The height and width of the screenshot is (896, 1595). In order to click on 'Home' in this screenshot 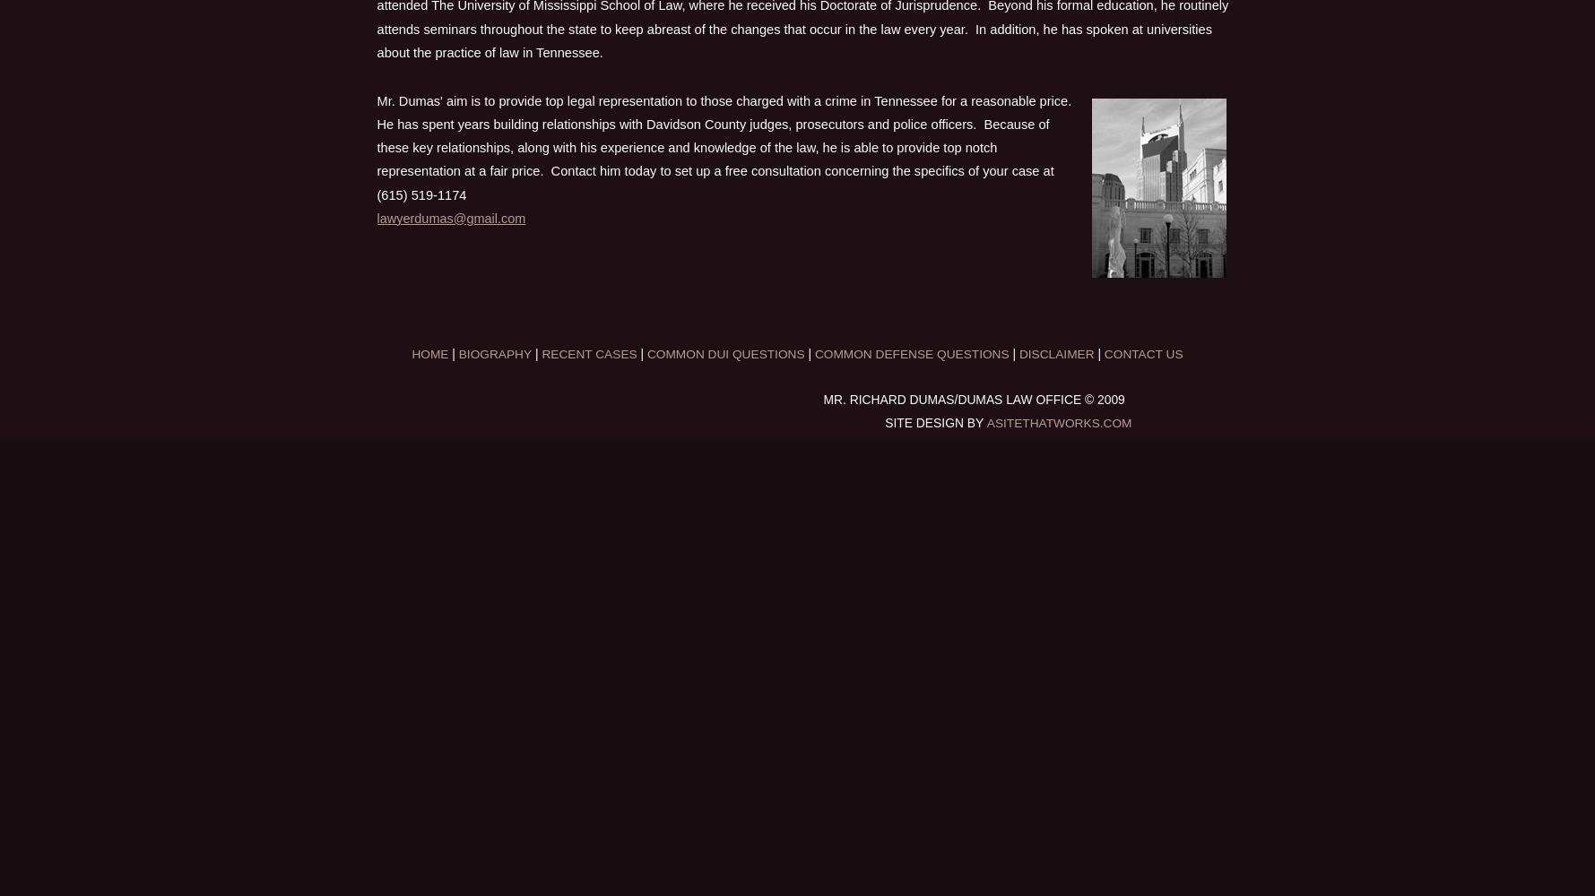, I will do `click(430, 353)`.